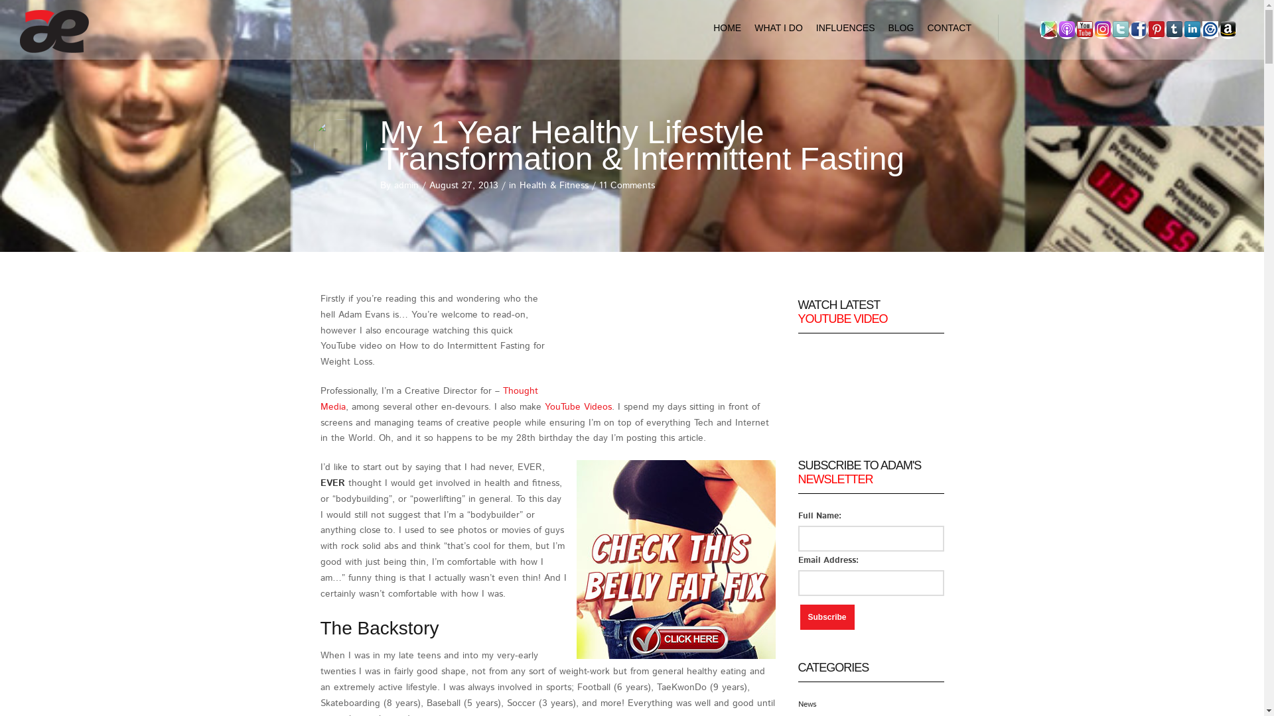  What do you see at coordinates (778, 28) in the screenshot?
I see `'WHAT I DO'` at bounding box center [778, 28].